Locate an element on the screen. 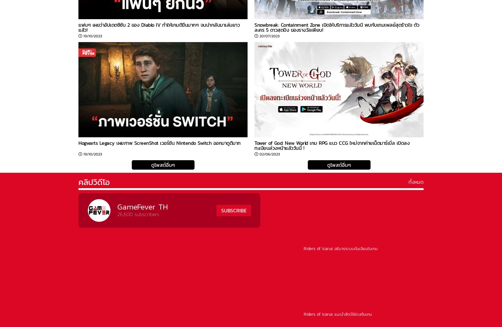 The image size is (502, 327). '26,600						   subscribers' is located at coordinates (138, 214).